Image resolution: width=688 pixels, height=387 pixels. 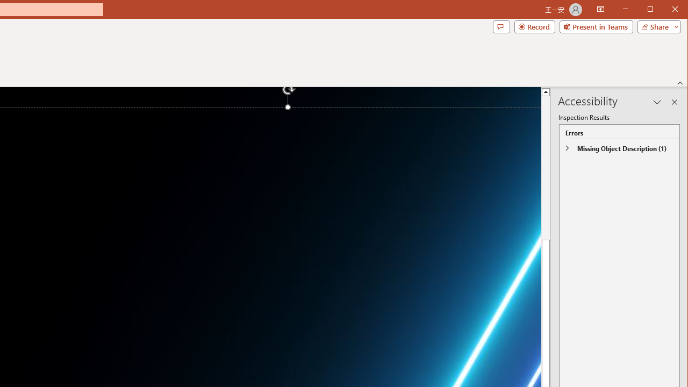 What do you see at coordinates (680, 82) in the screenshot?
I see `'Collapse the Ribbon'` at bounding box center [680, 82].